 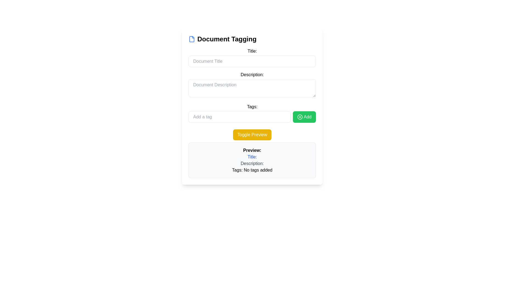 I want to click on the title input field by using tab navigation, which is the first input field directly below the 'Title:' label in the form layout, so click(x=252, y=61).